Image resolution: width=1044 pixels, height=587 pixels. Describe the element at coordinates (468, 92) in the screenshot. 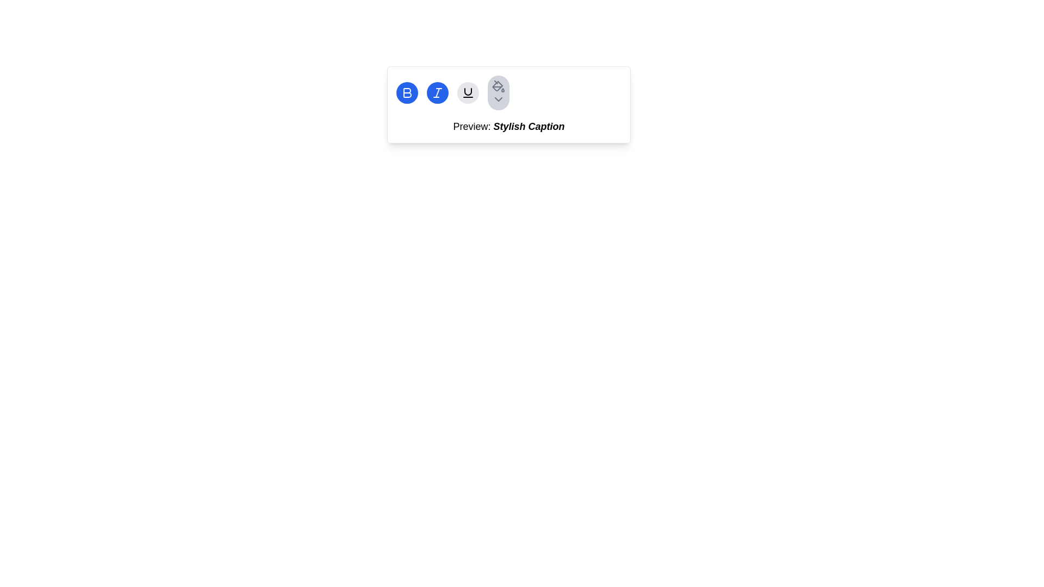

I see `the circular button with a white background and an underline icon in the center` at that location.